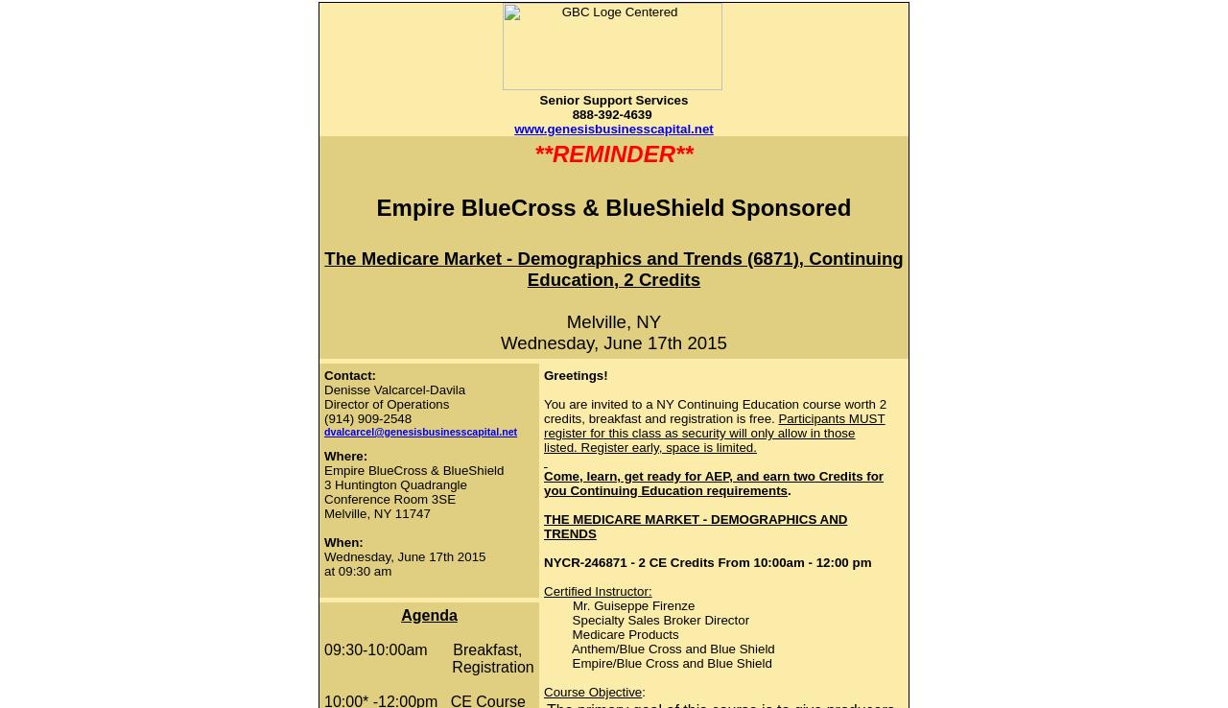 Image resolution: width=1228 pixels, height=708 pixels. I want to click on 'Come, learn, get ready for AEP, and earn two Credits for you Continuing Education requirements', so click(543, 483).